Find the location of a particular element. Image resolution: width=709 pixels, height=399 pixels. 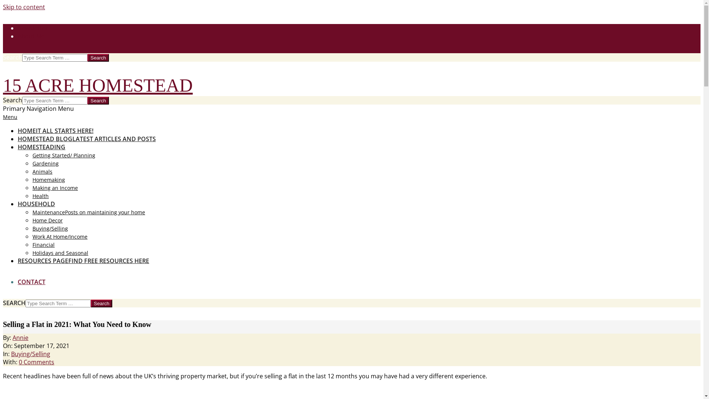

'Financial' is located at coordinates (43, 245).